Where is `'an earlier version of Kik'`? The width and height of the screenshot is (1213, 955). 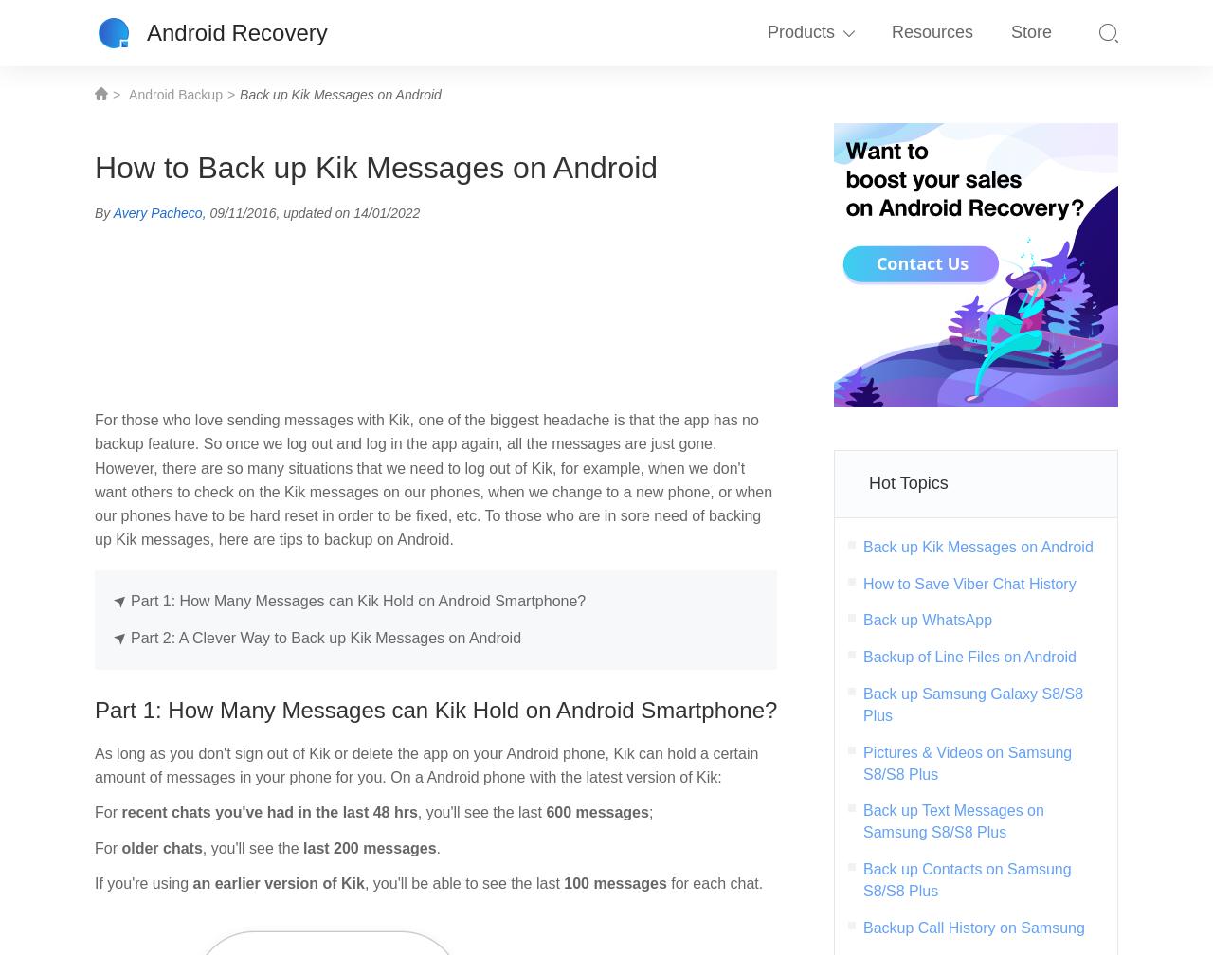 'an earlier version of Kik' is located at coordinates (275, 882).